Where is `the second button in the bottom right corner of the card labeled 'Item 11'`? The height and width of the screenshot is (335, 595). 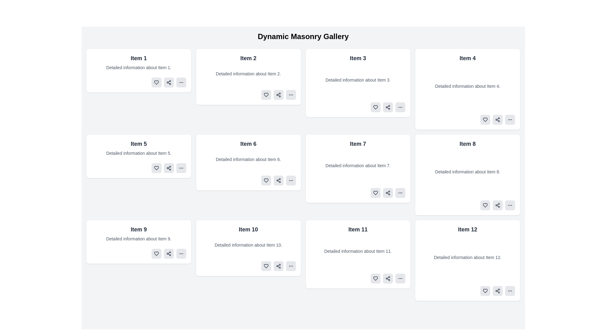
the second button in the bottom right corner of the card labeled 'Item 11' is located at coordinates (388, 278).